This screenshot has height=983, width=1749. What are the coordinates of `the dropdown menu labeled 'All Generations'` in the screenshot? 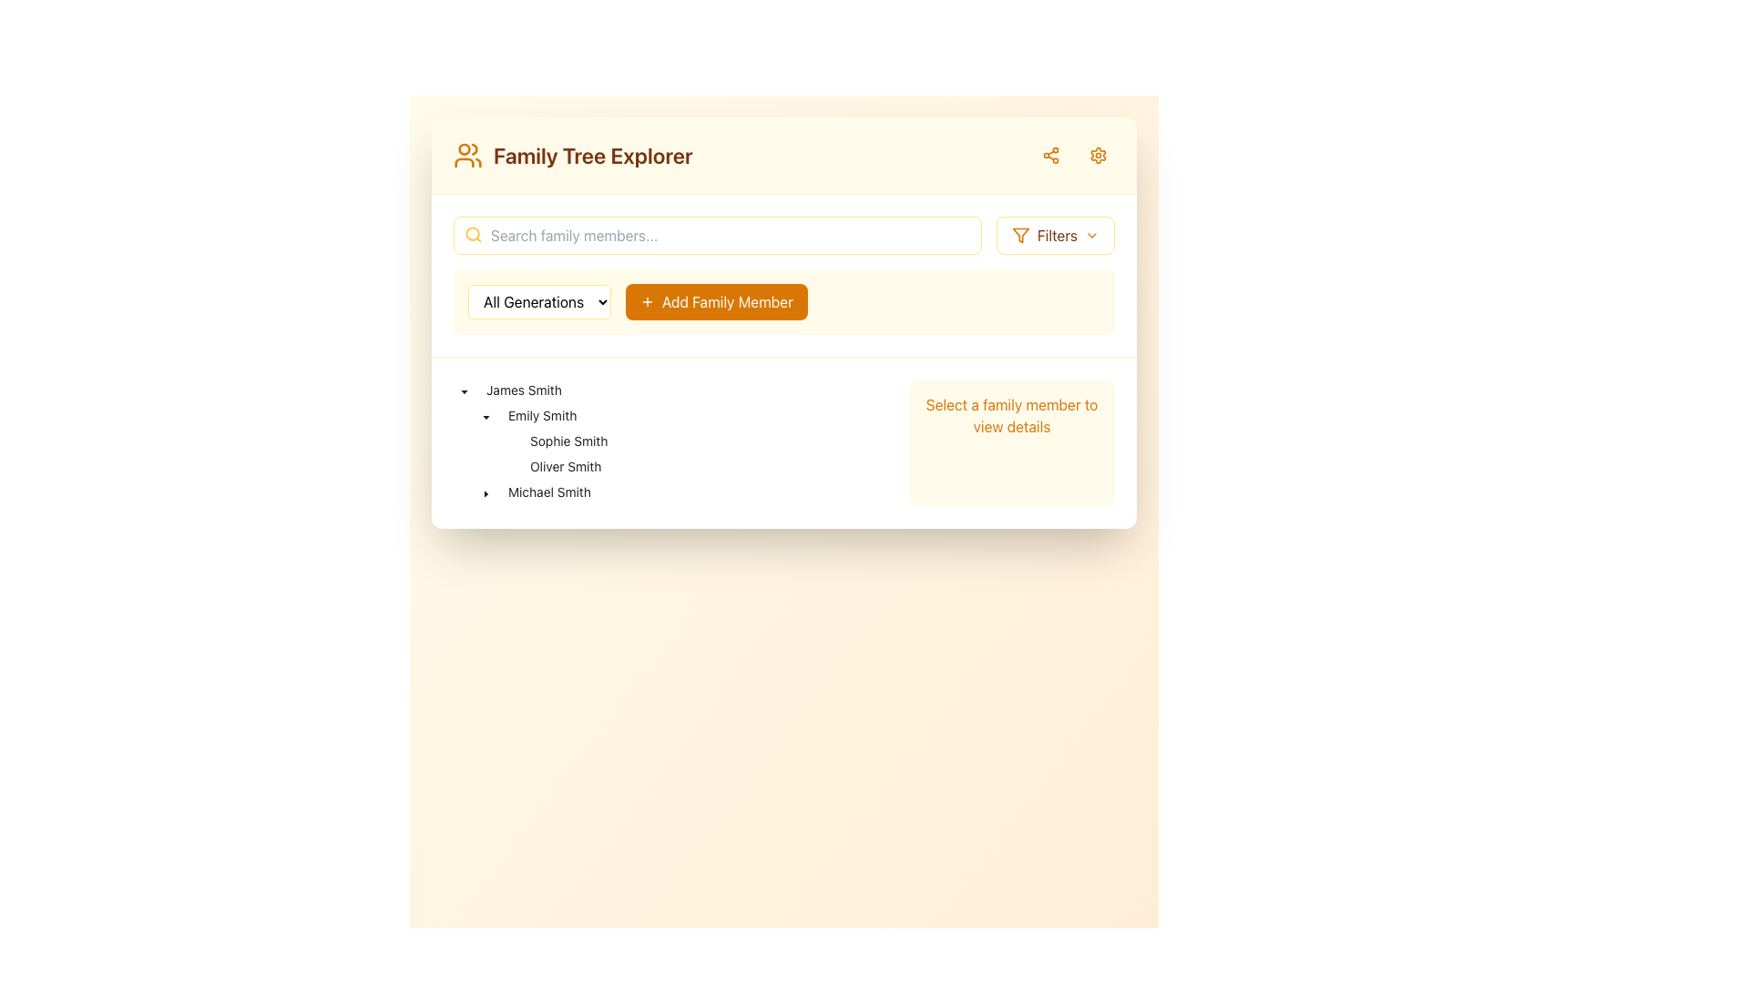 It's located at (538, 300).